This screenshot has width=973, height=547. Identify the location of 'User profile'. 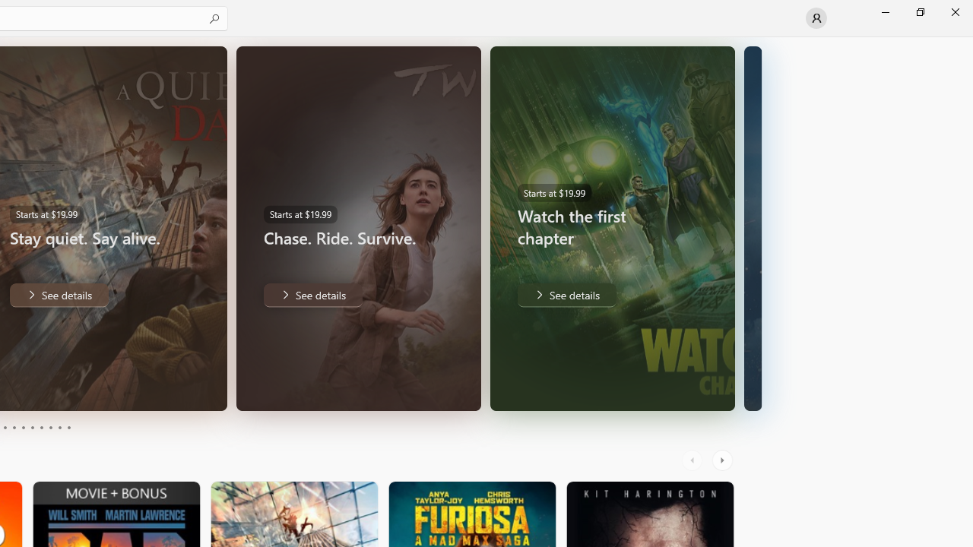
(815, 18).